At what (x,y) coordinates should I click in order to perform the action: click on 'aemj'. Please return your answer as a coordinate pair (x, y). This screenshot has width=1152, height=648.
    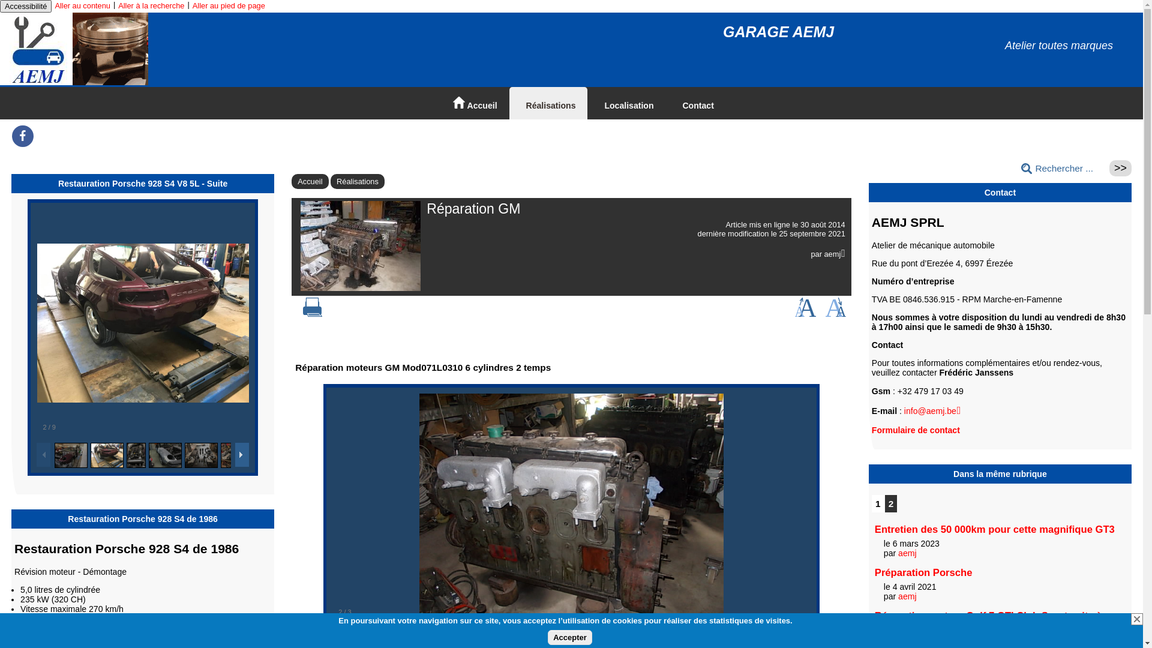
    Looking at the image, I should click on (907, 553).